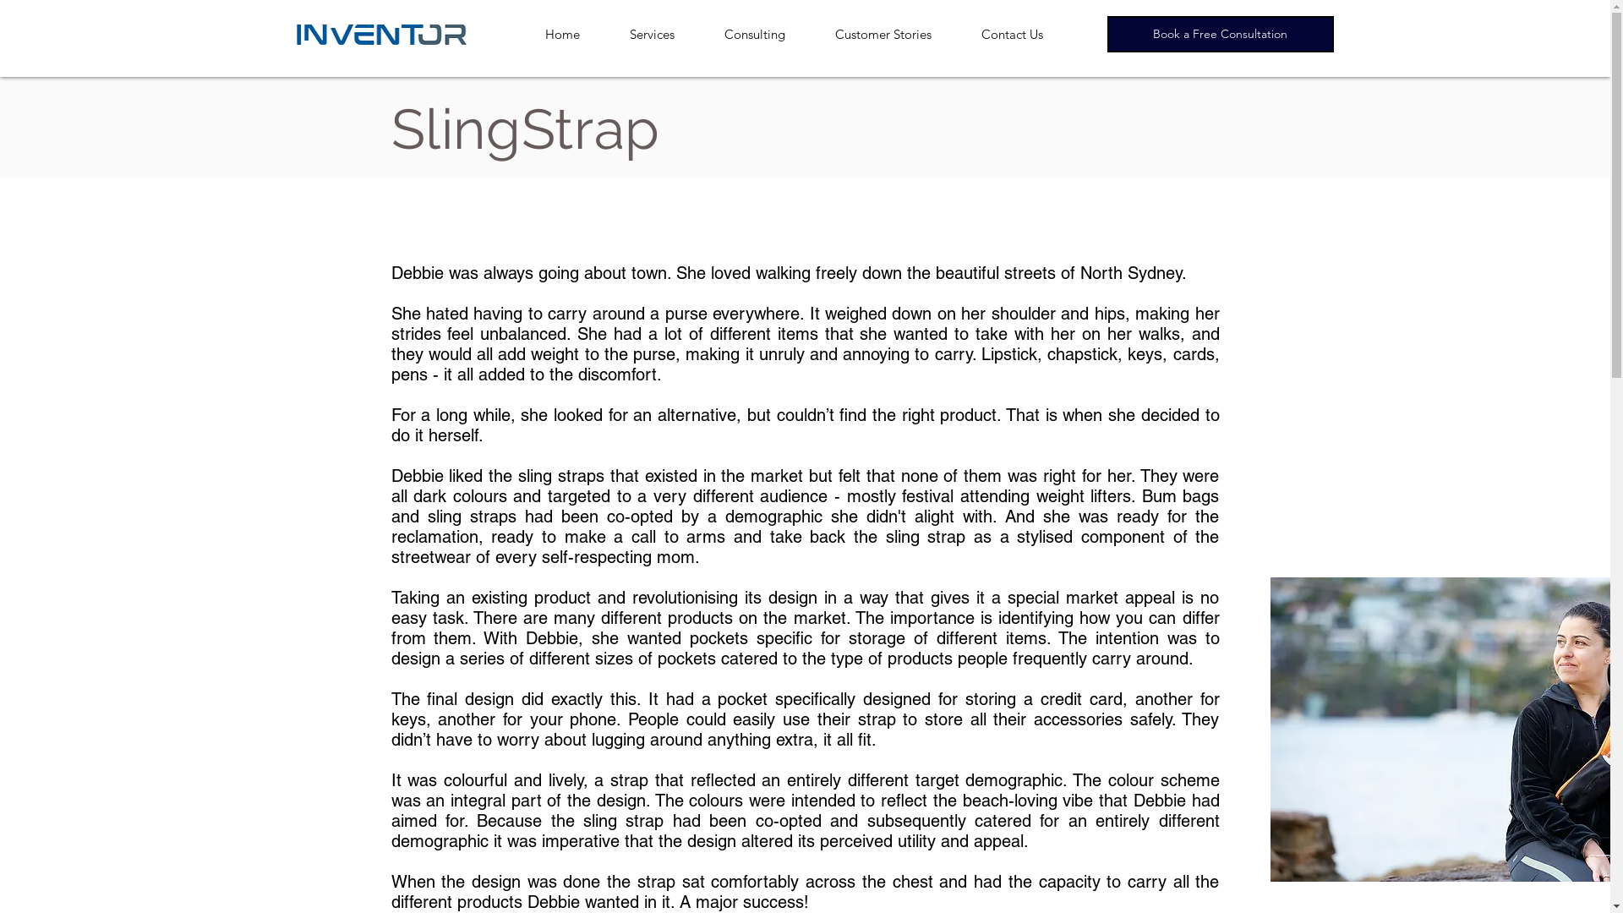  Describe the element at coordinates (661, 35) in the screenshot. I see `'Services'` at that location.